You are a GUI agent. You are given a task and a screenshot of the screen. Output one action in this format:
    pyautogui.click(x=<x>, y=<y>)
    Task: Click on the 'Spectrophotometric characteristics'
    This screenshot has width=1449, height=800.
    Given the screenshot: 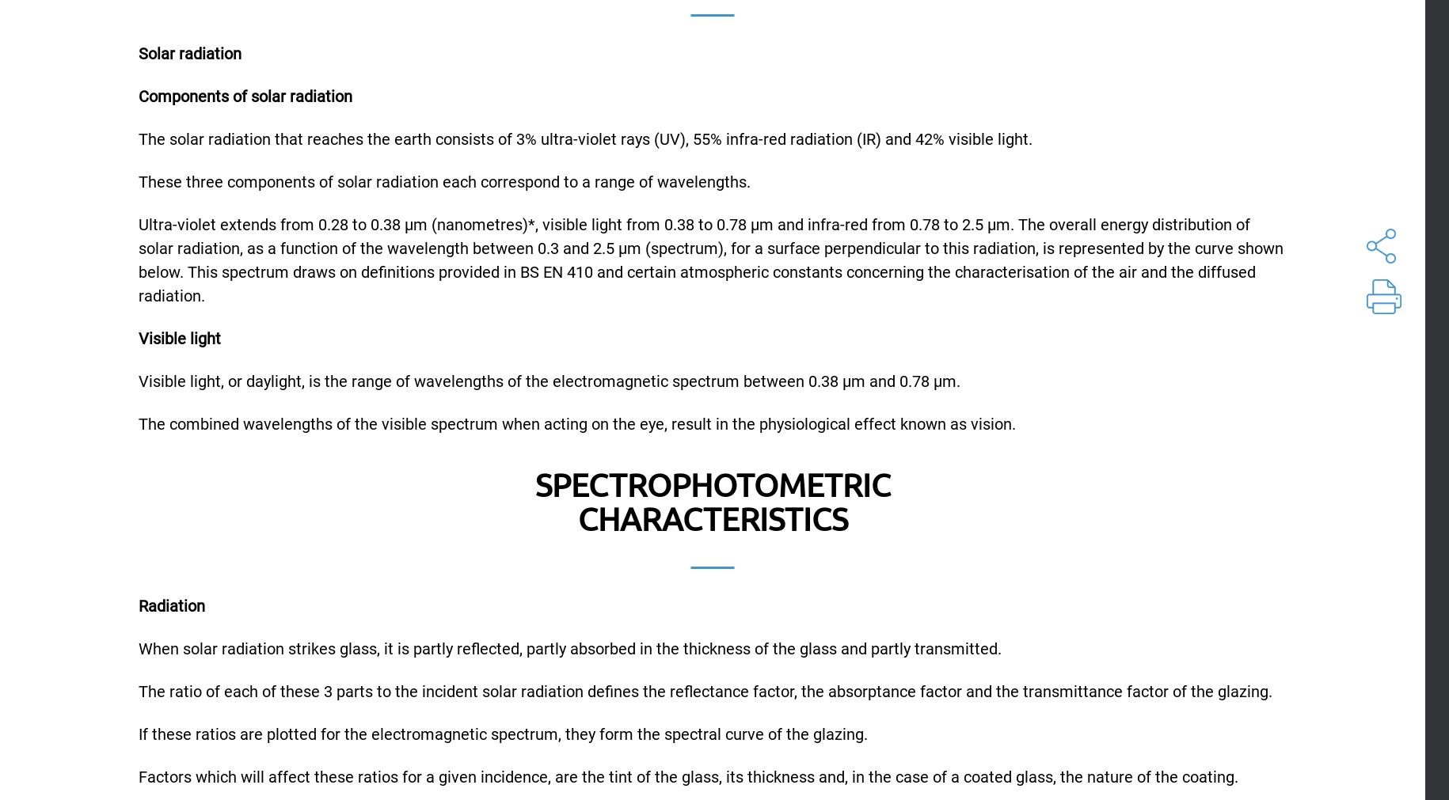 What is the action you would take?
    pyautogui.click(x=712, y=501)
    